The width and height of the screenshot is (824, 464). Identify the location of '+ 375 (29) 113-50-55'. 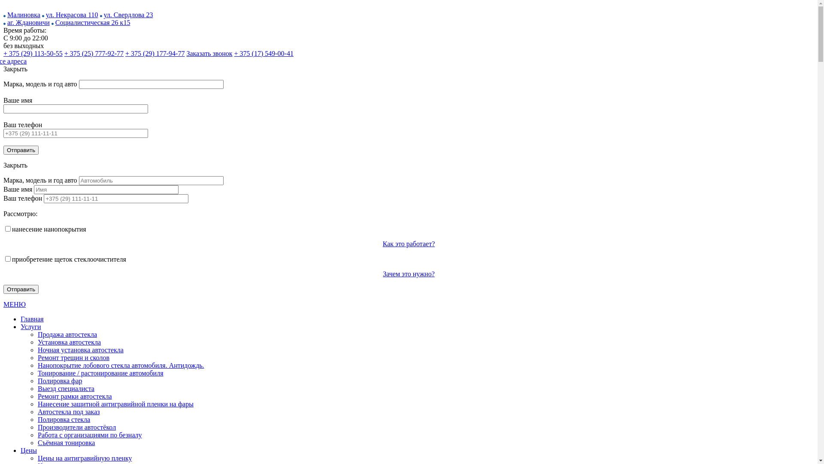
(33, 53).